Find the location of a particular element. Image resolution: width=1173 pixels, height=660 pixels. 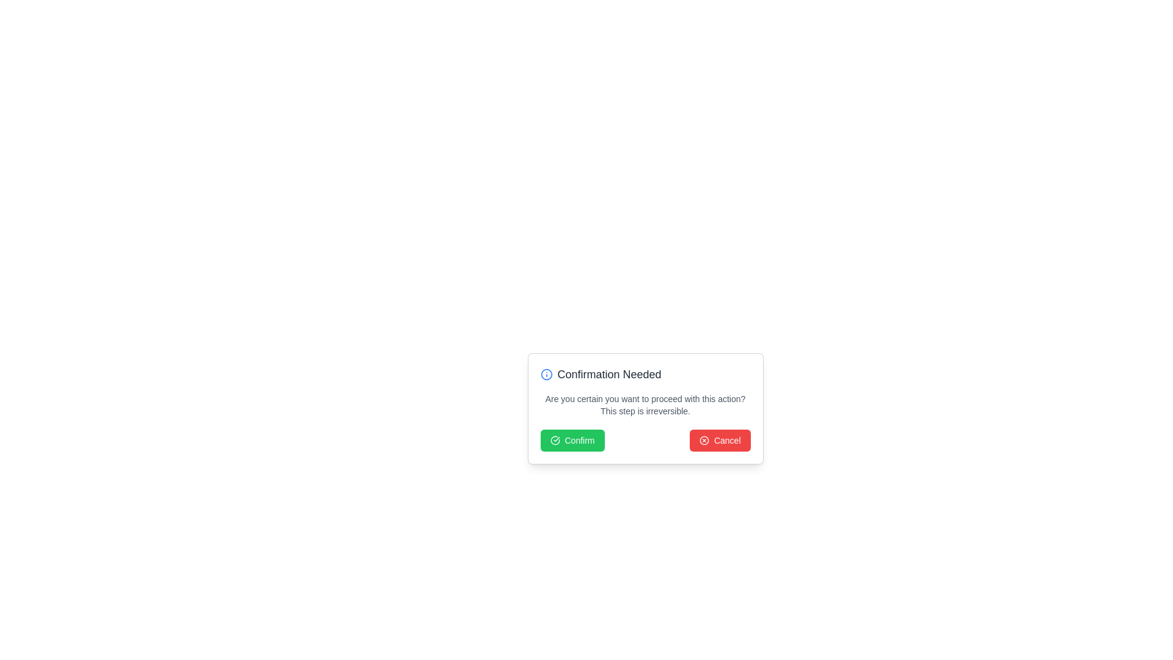

the heading element that indicates the purpose of the modal dialog, which is positioned at the top section of the modal, above the confirmation prompt is located at coordinates (645, 374).